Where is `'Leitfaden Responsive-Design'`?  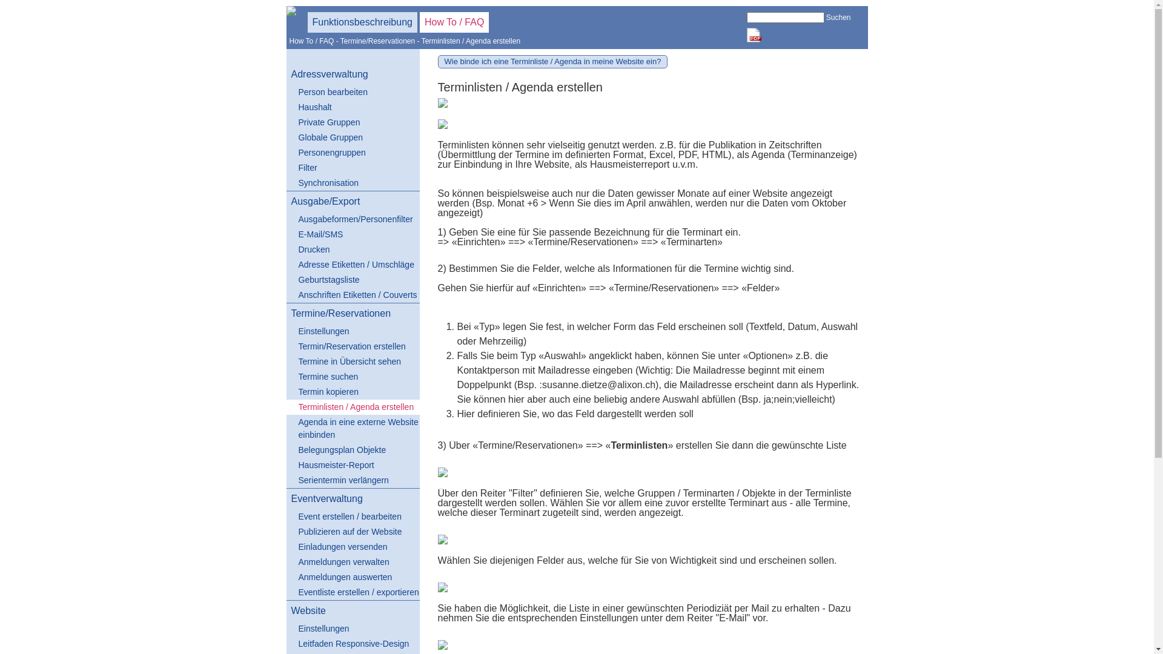 'Leitfaden Responsive-Design' is located at coordinates (351, 643).